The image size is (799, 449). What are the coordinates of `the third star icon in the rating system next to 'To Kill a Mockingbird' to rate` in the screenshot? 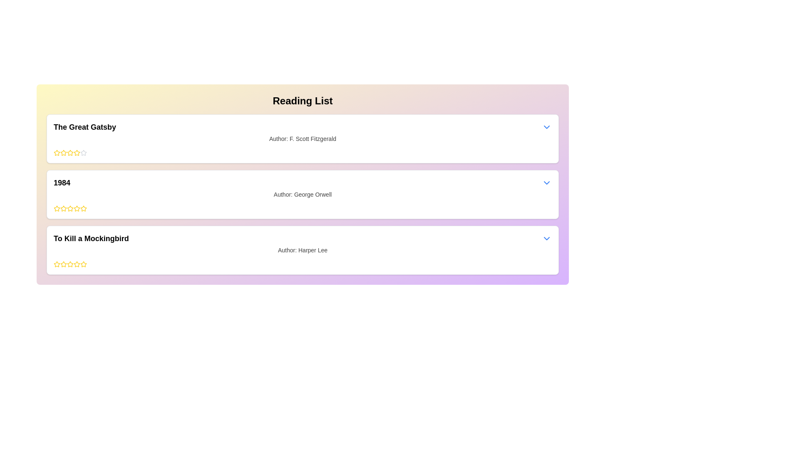 It's located at (70, 264).